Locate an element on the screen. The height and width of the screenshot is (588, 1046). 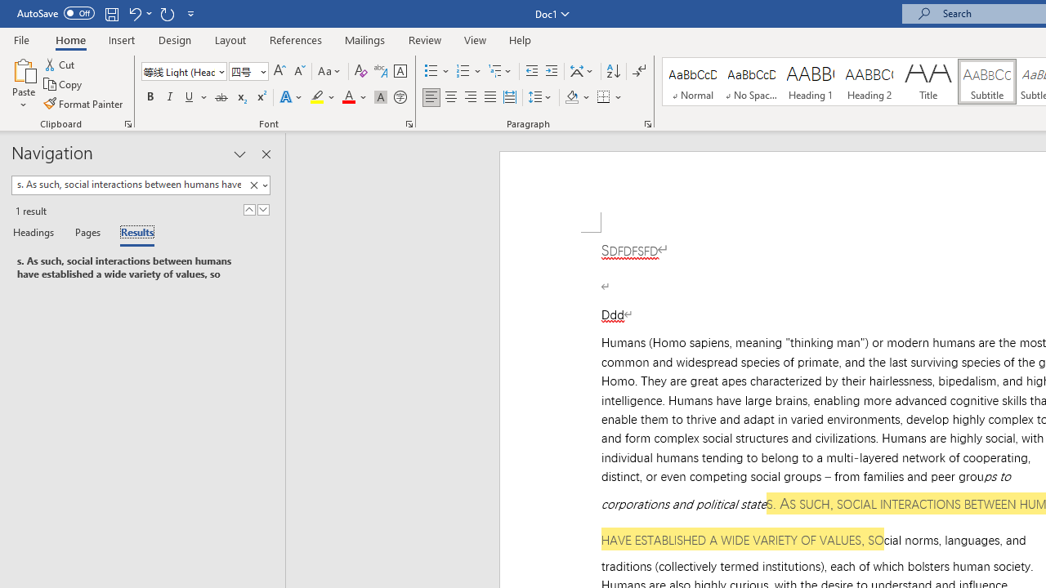
'Heading 2' is located at coordinates (868, 82).